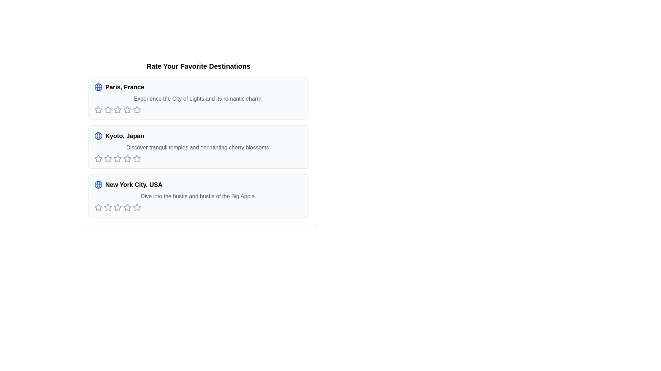 The height and width of the screenshot is (371, 661). What do you see at coordinates (117, 159) in the screenshot?
I see `the fourth star icon in the five-star rating system for 'Kyoto, Japan' to scale it up` at bounding box center [117, 159].